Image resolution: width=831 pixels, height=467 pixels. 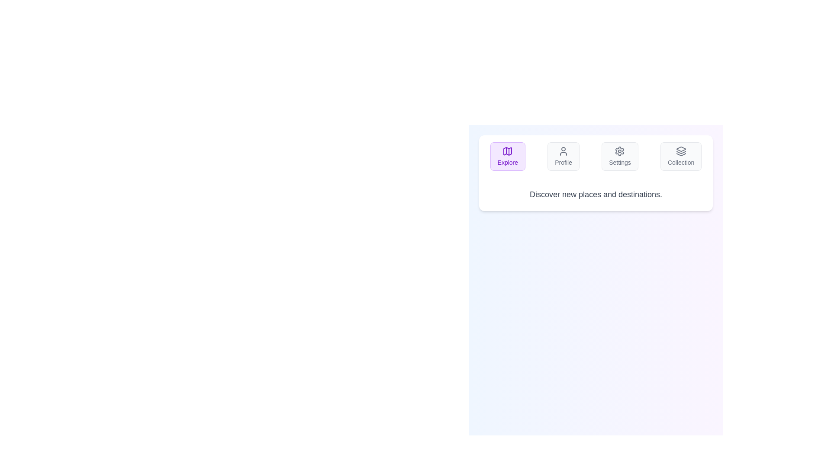 I want to click on the 'Explore' icon located within the button at the top-left of the navigation panel, which visually represents the function of exploring content or locations, so click(x=508, y=151).